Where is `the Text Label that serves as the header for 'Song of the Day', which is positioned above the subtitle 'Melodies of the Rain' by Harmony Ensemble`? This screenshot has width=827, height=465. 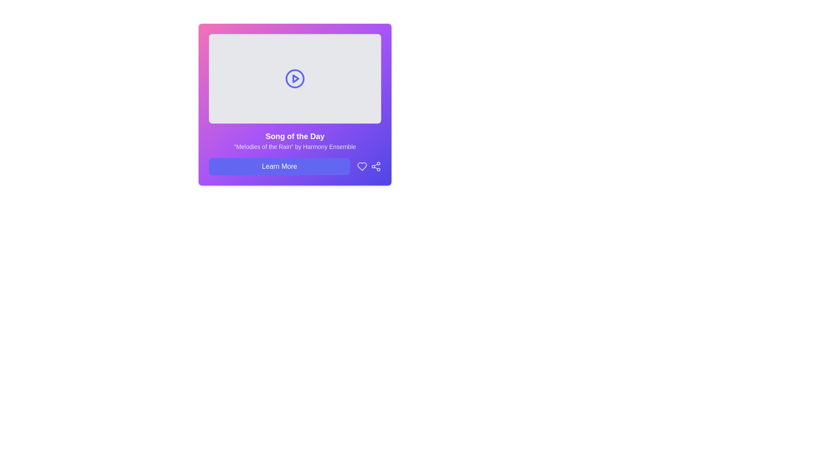 the Text Label that serves as the header for 'Song of the Day', which is positioned above the subtitle 'Melodies of the Rain' by Harmony Ensemble is located at coordinates (295, 136).